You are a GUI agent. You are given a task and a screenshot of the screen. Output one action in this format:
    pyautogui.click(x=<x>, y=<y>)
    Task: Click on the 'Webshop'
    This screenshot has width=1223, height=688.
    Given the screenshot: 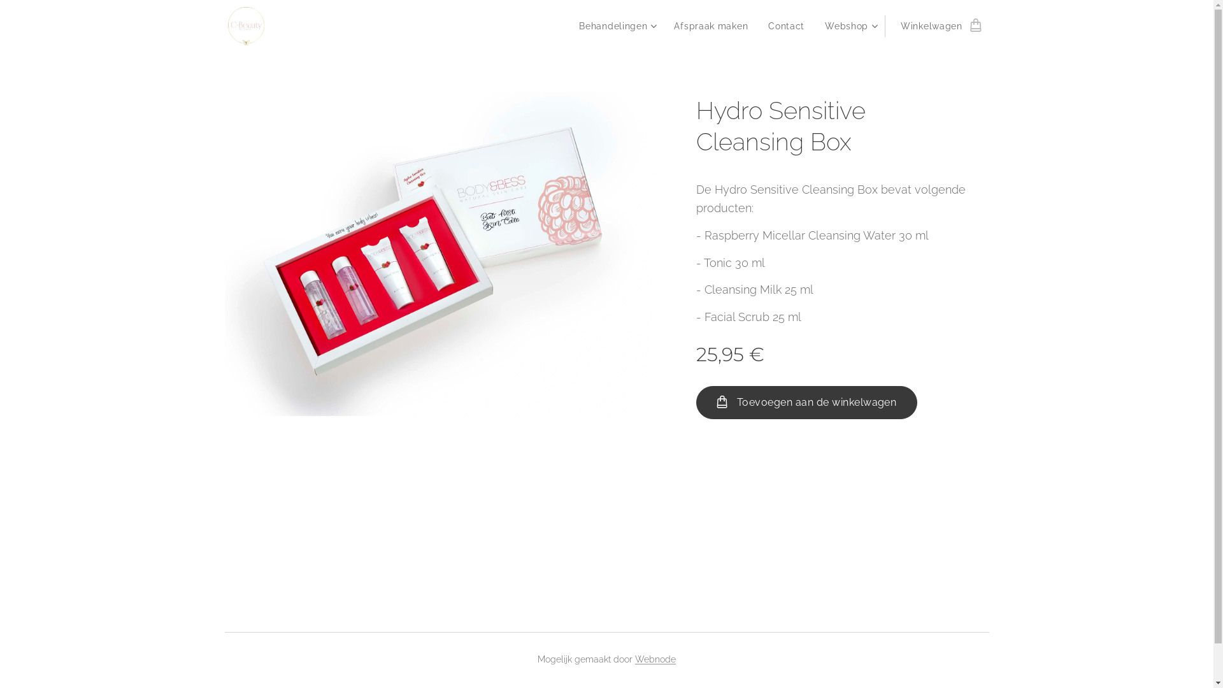 What is the action you would take?
    pyautogui.click(x=850, y=26)
    